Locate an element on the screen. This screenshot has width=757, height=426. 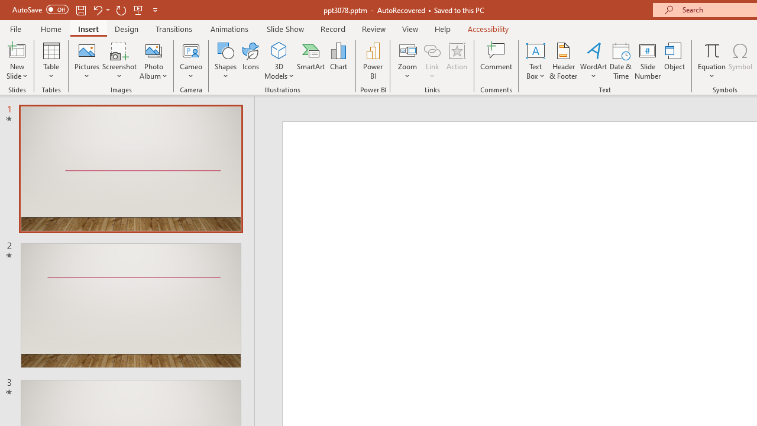
'Power BI' is located at coordinates (373, 61).